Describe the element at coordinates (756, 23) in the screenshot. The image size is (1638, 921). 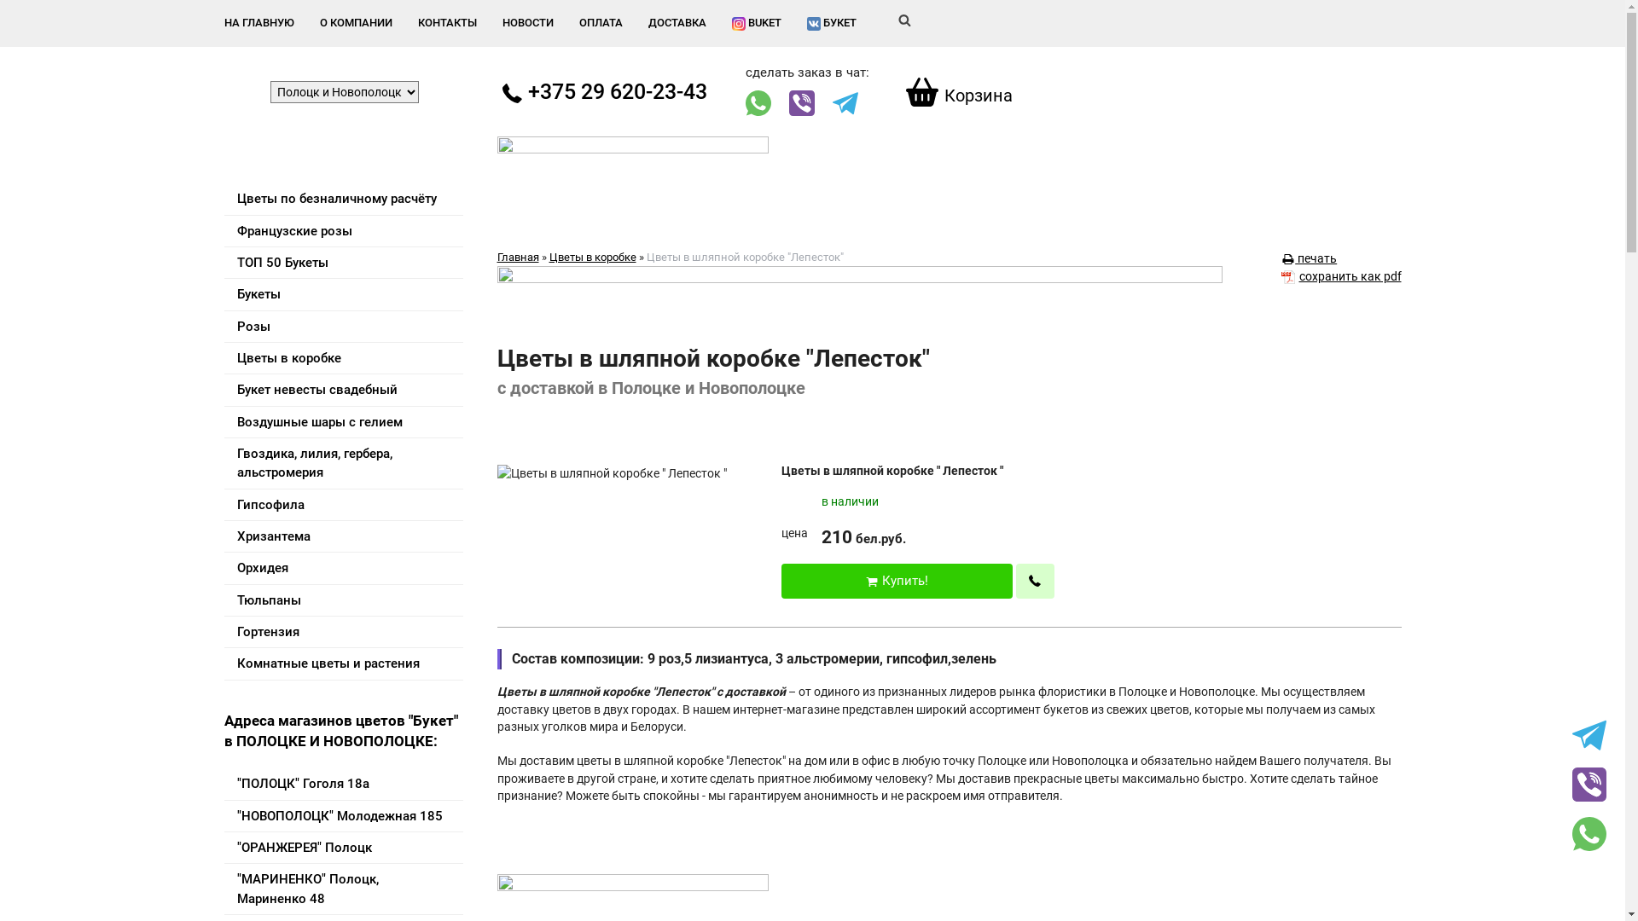
I see `'BUKET'` at that location.